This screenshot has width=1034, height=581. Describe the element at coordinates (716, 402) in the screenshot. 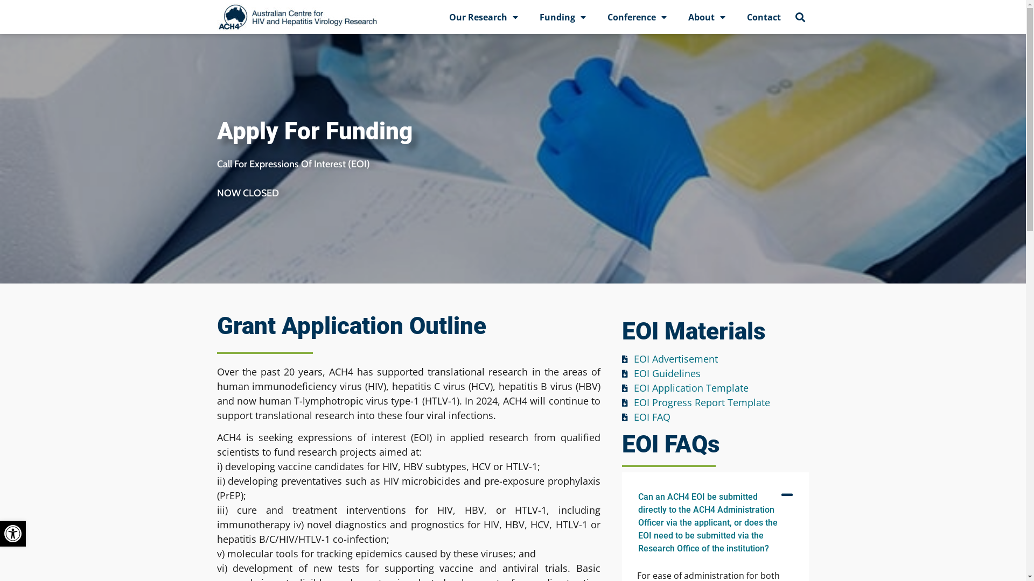

I see `'EOI Progress Report Template'` at that location.